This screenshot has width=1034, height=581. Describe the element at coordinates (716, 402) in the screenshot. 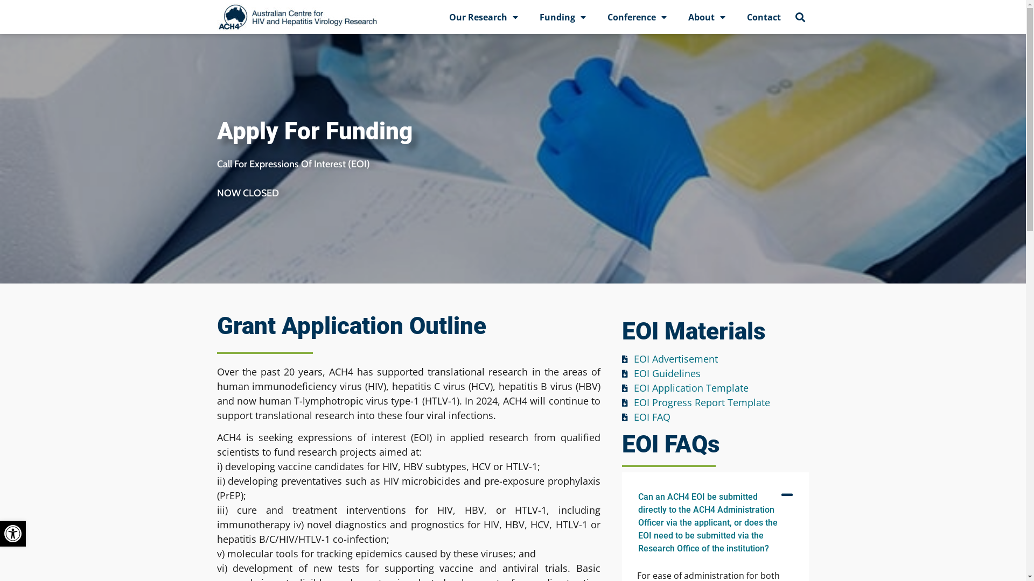

I see `'EOI Progress Report Template'` at that location.